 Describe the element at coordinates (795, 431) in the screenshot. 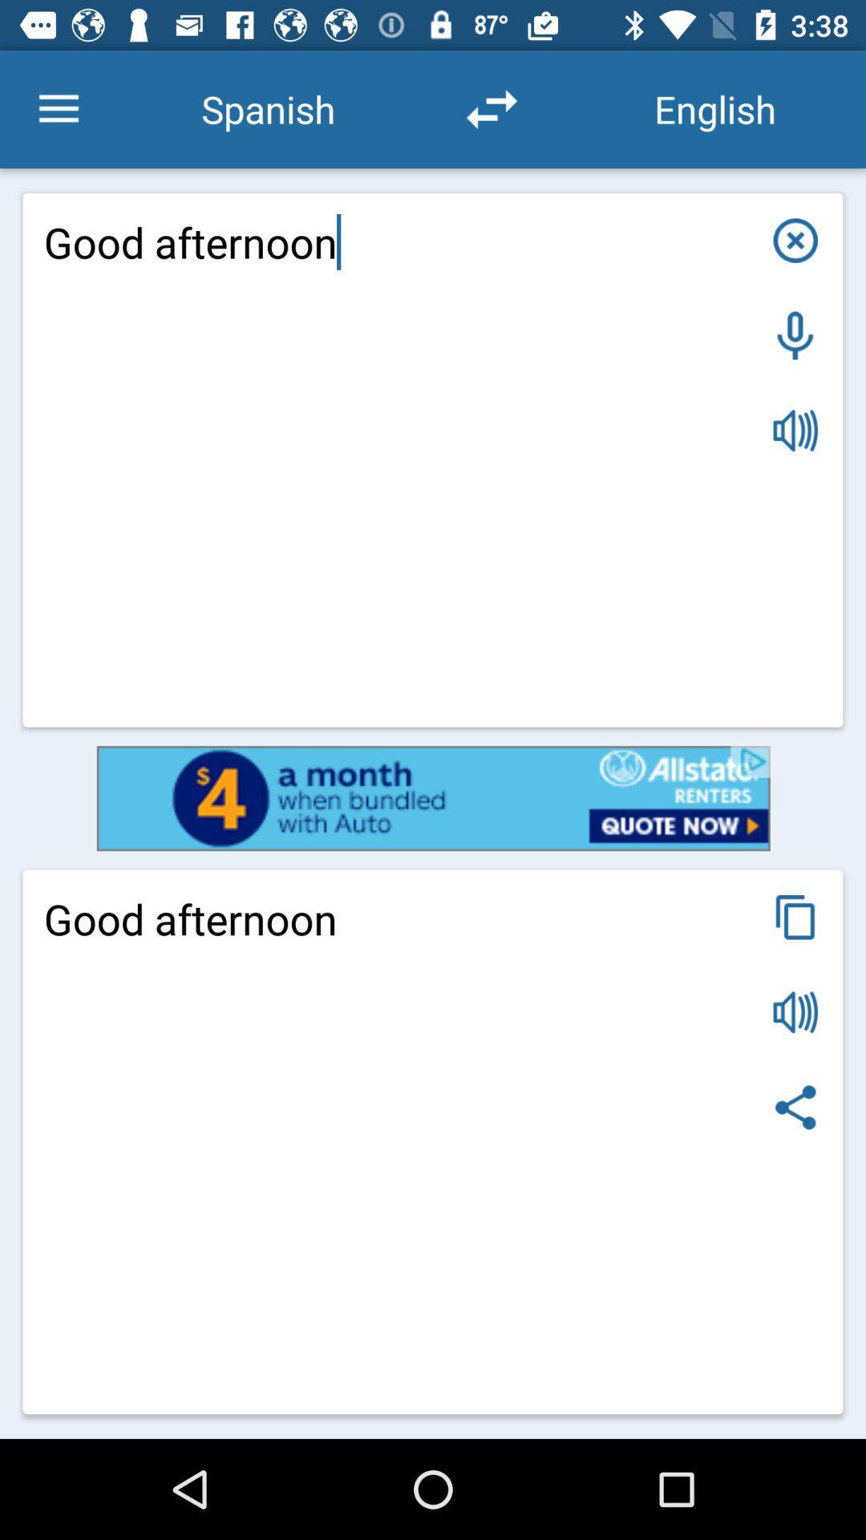

I see `volume adjustment` at that location.